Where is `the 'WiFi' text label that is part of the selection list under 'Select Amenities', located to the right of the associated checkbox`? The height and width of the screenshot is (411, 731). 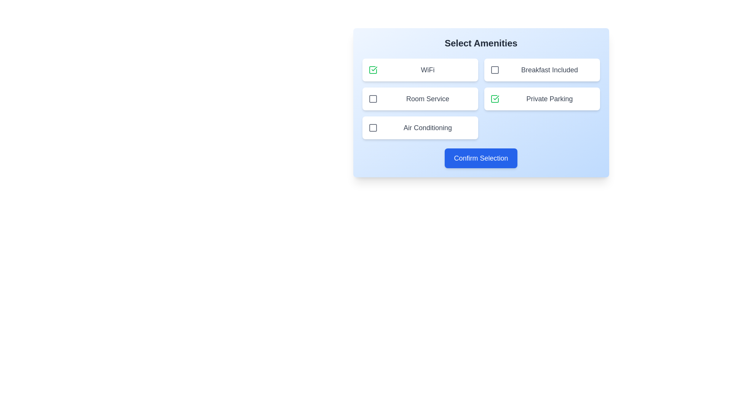 the 'WiFi' text label that is part of the selection list under 'Select Amenities', located to the right of the associated checkbox is located at coordinates (428, 70).